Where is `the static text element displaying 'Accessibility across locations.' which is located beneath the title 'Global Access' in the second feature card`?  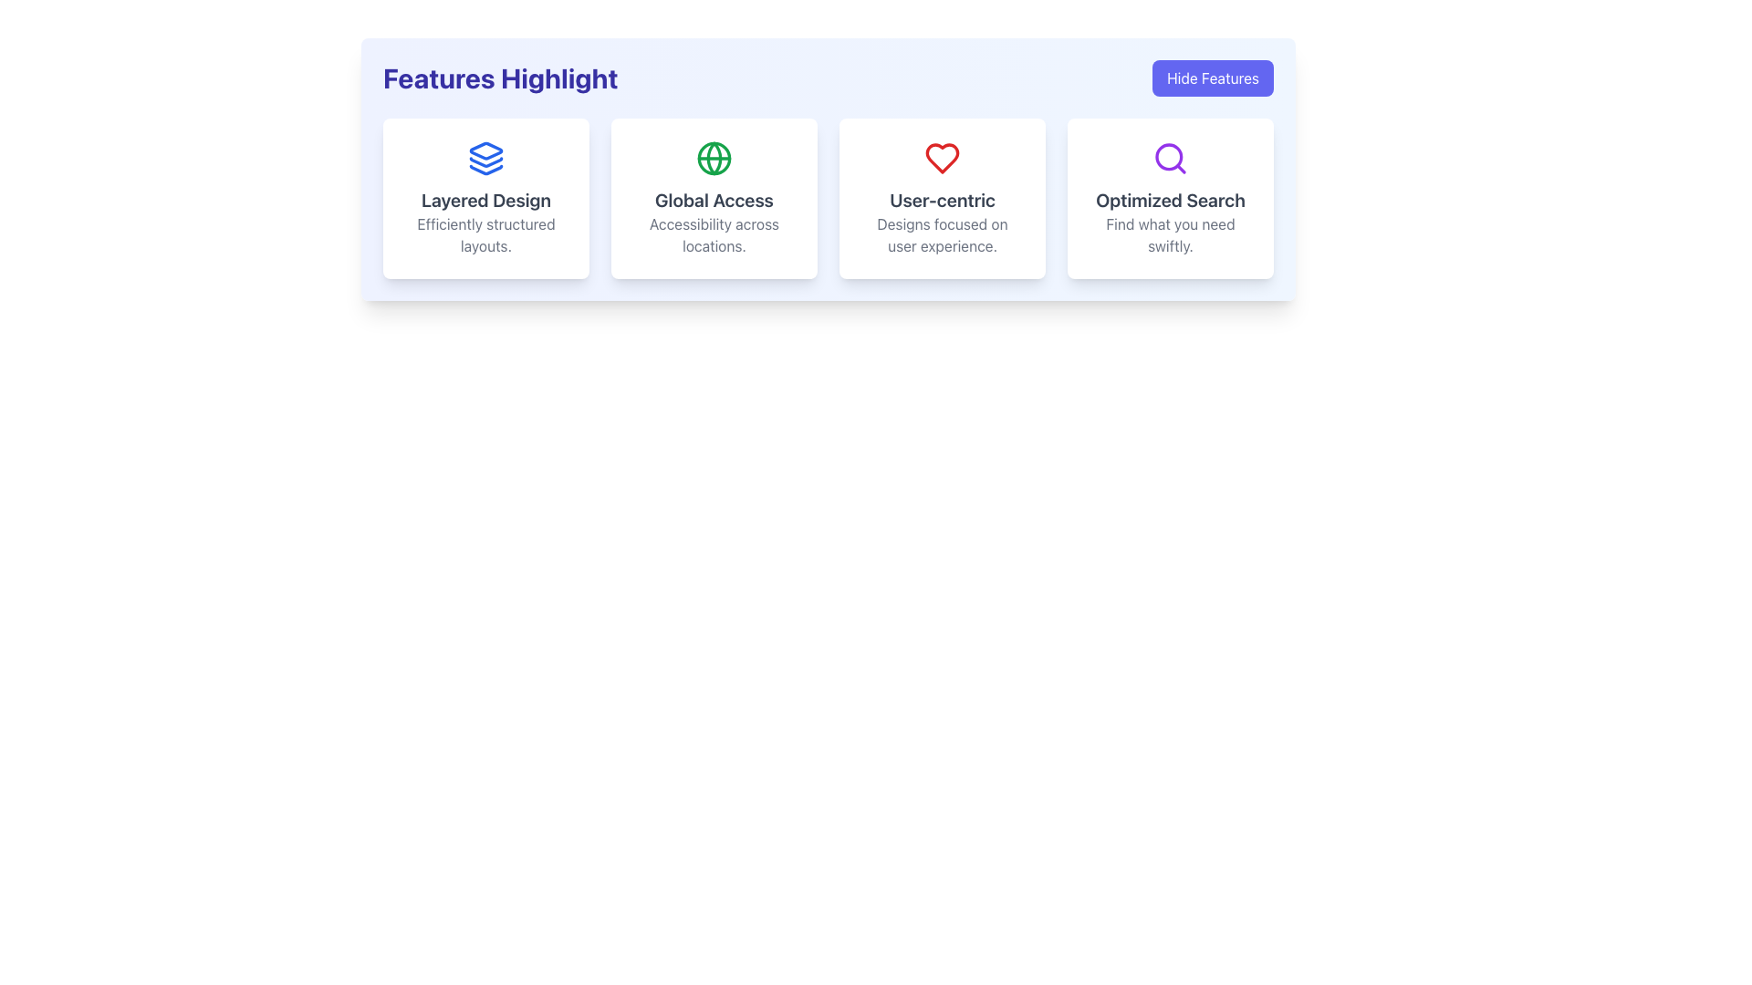 the static text element displaying 'Accessibility across locations.' which is located beneath the title 'Global Access' in the second feature card is located at coordinates (713, 234).